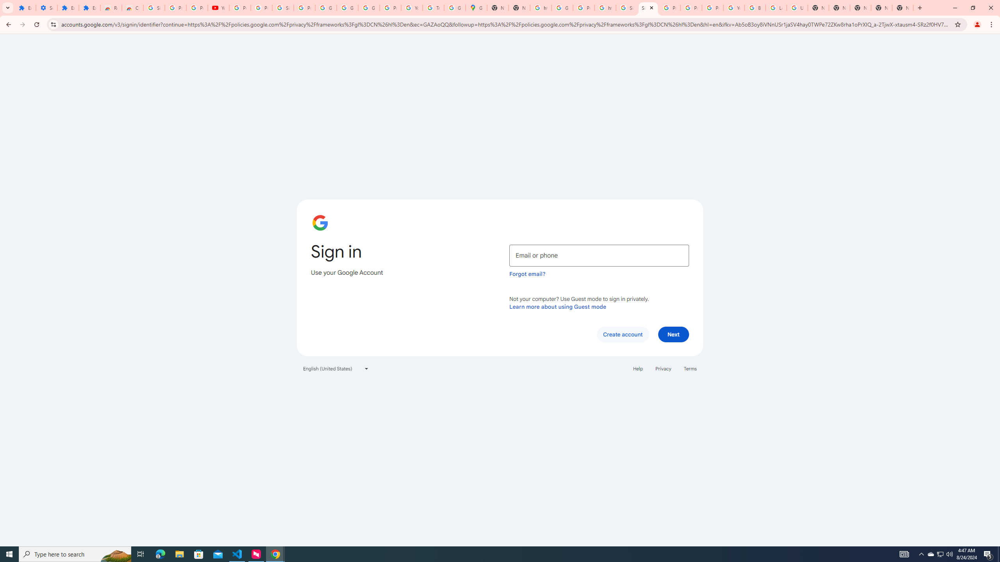 This screenshot has height=562, width=1000. What do you see at coordinates (68, 7) in the screenshot?
I see `'Extensions'` at bounding box center [68, 7].